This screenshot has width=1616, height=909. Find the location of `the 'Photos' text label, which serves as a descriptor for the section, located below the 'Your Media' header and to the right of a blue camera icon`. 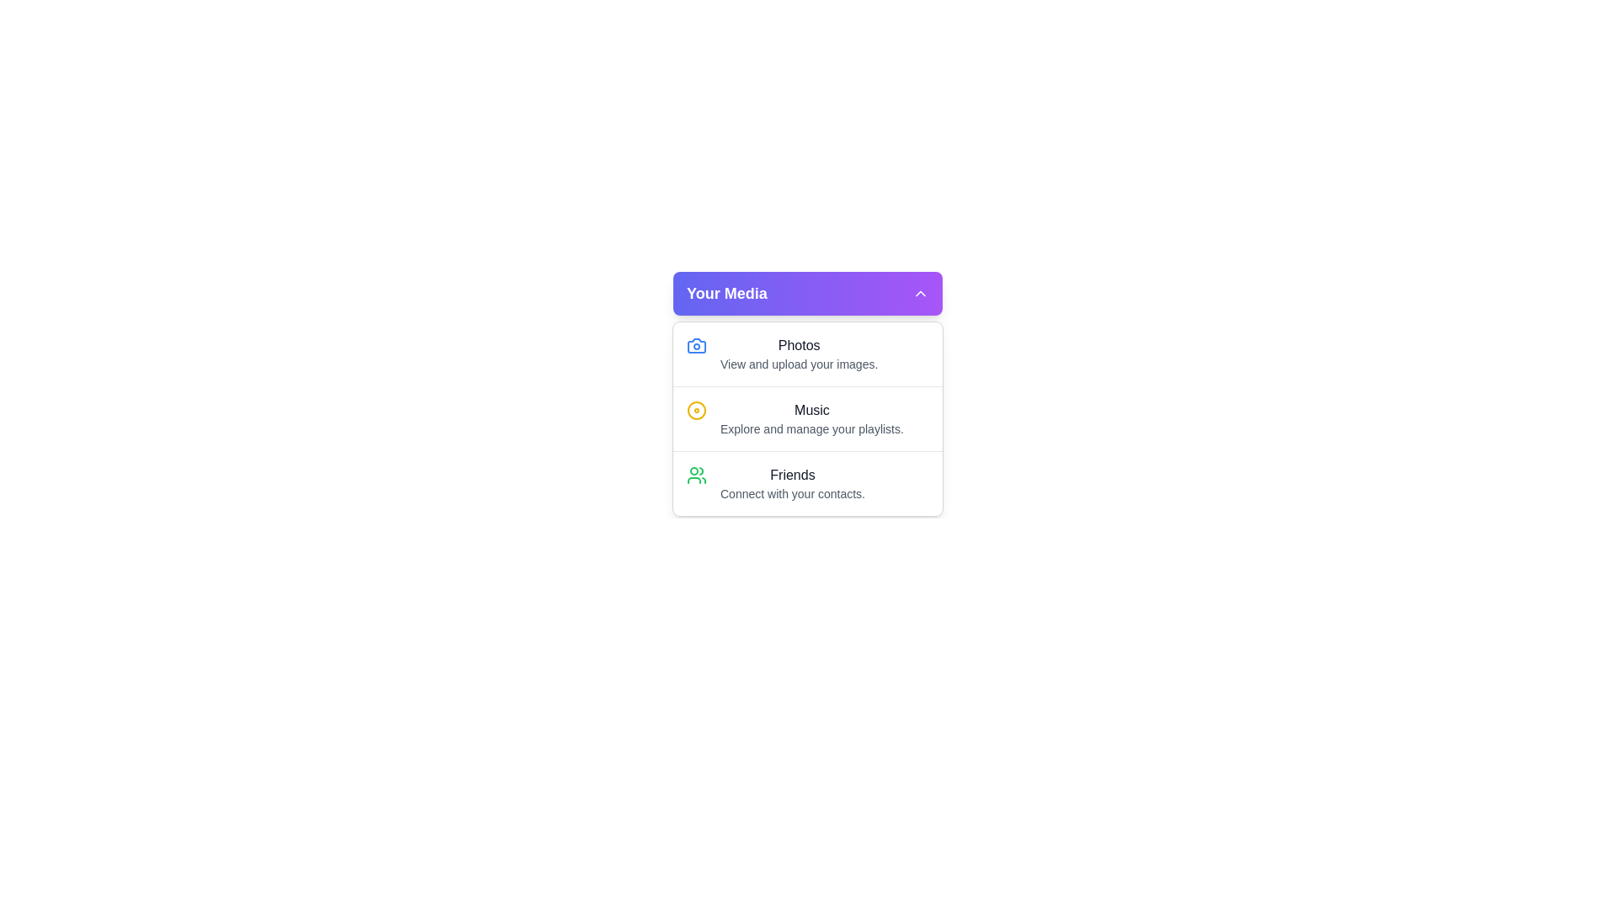

the 'Photos' text label, which serves as a descriptor for the section, located below the 'Your Media' header and to the right of a blue camera icon is located at coordinates (798, 353).